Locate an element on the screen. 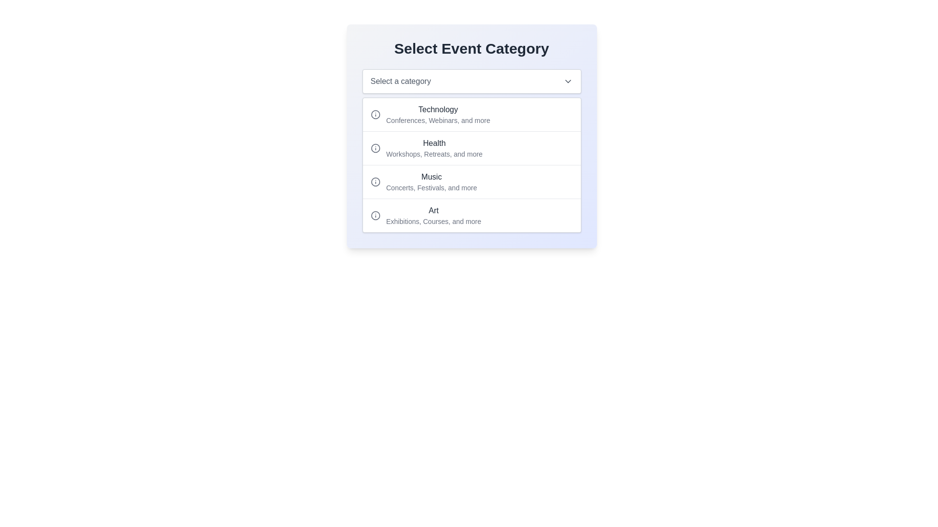  the fourth selectable category option in the list under 'Select Event Category' is located at coordinates (471, 215).